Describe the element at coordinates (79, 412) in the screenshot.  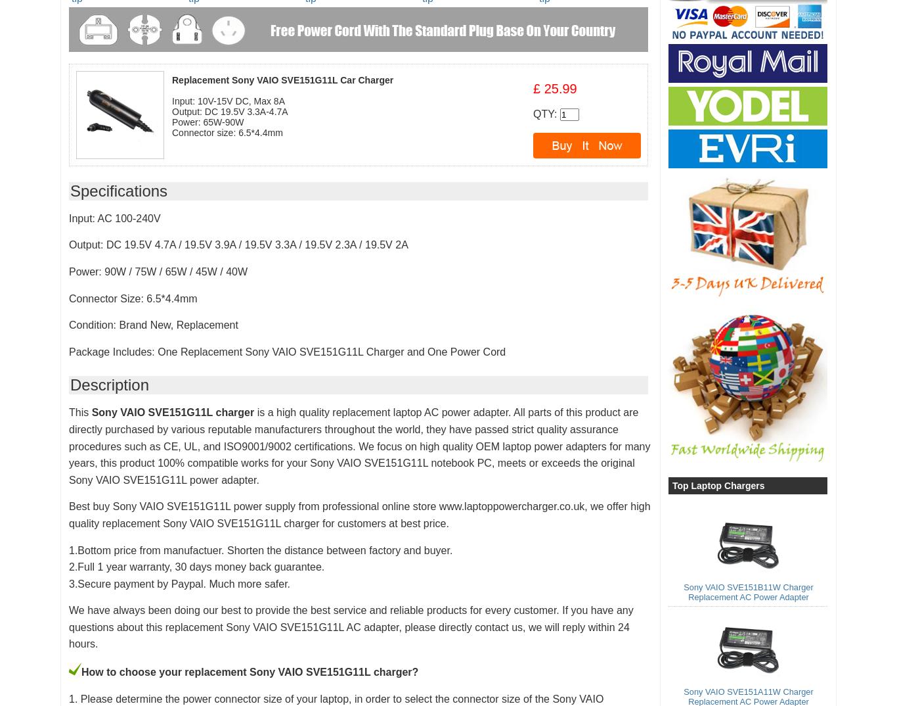
I see `'This'` at that location.